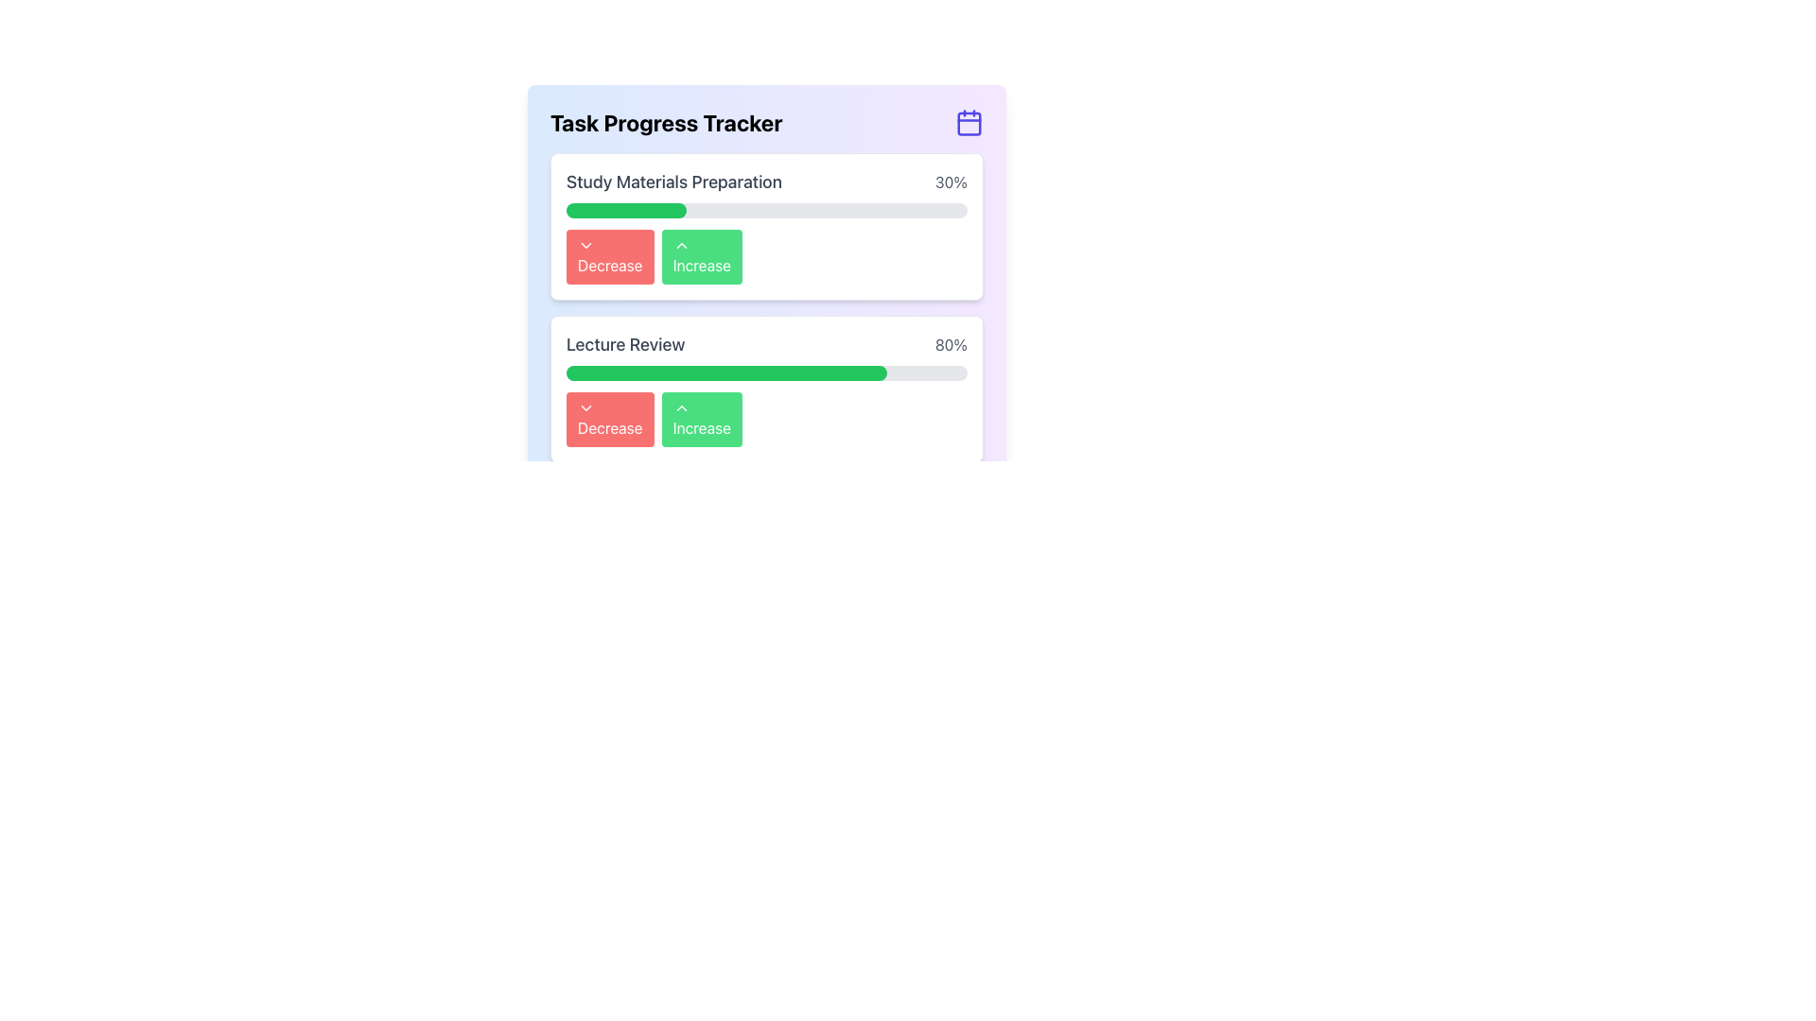 This screenshot has width=1816, height=1021. What do you see at coordinates (767, 123) in the screenshot?
I see `the 'Task Progress Tracker' header` at bounding box center [767, 123].